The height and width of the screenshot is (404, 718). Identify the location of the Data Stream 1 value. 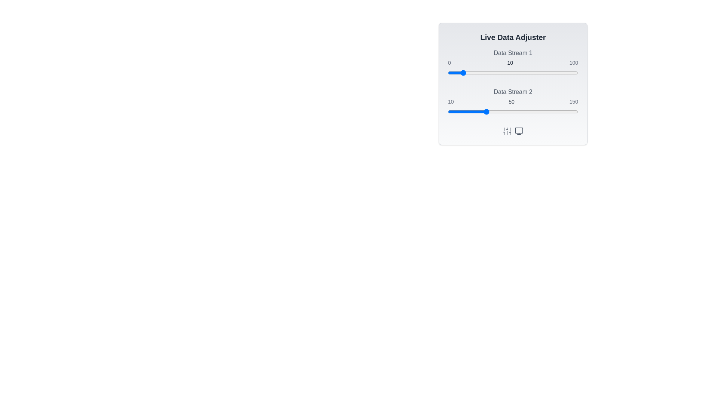
(455, 73).